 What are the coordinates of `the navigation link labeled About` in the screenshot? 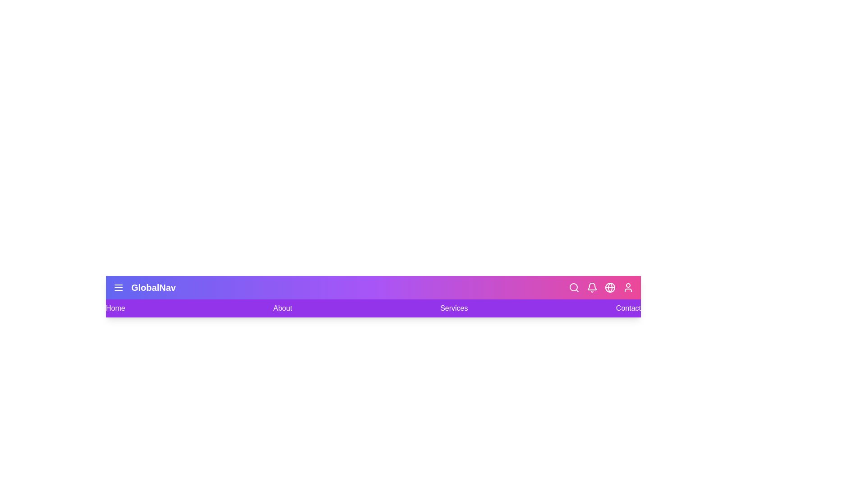 It's located at (282, 308).